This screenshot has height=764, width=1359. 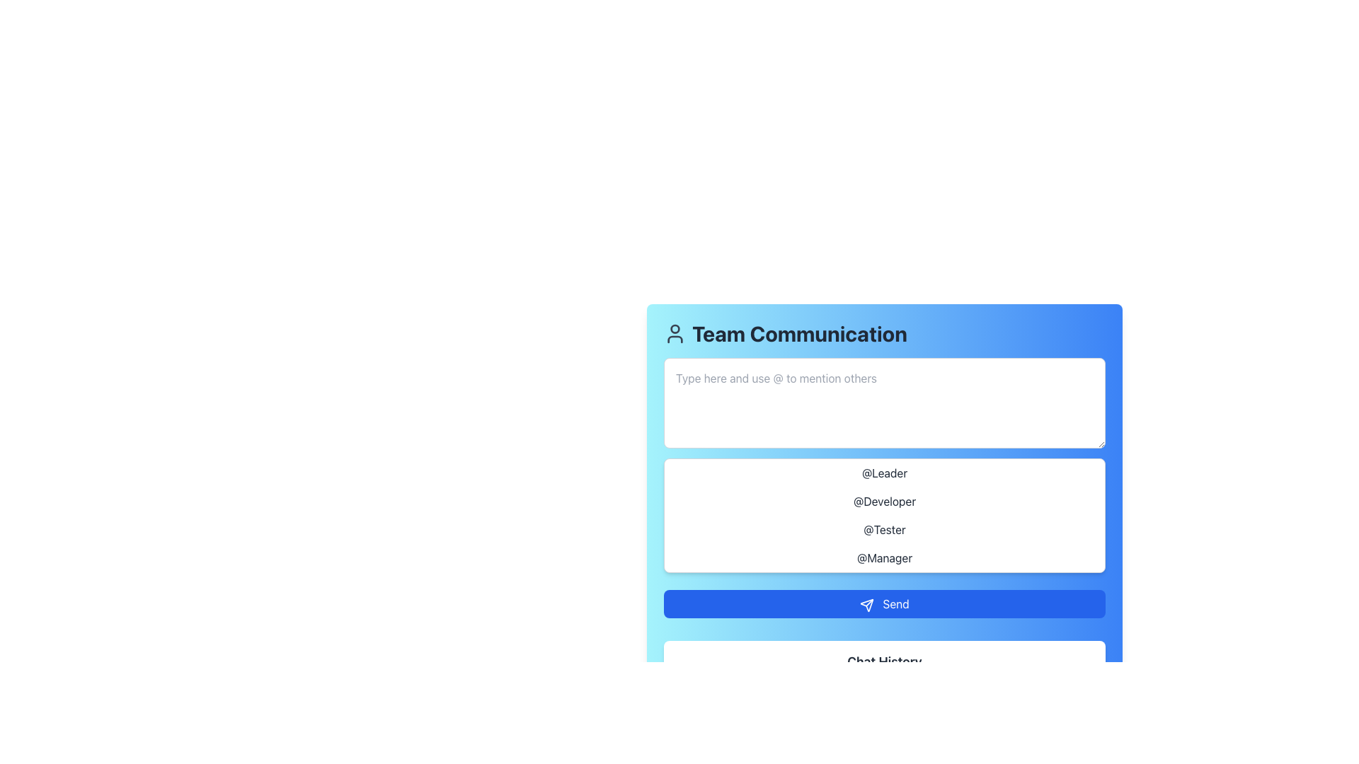 I want to click on the selectable list item displaying the text '@Developer', so click(x=883, y=501).